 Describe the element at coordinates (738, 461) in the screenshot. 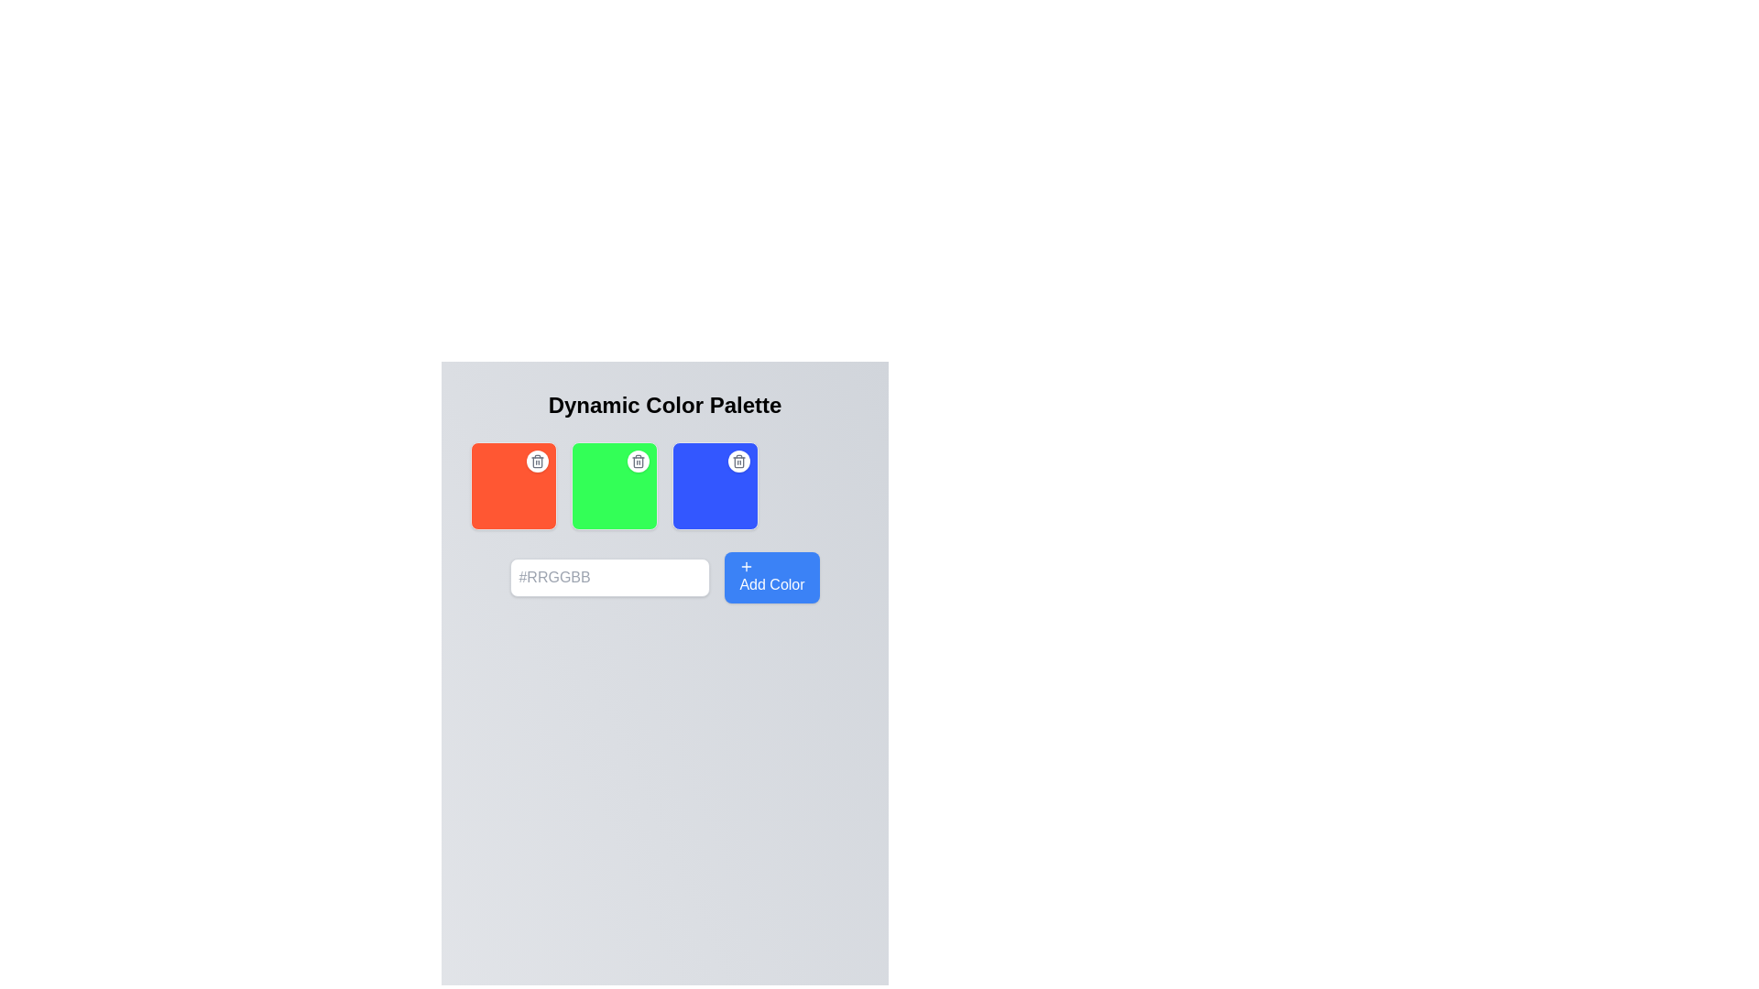

I see `the circular button with a white background and a gray trash can icon located at the upper-right corner of the blue rectangular card in the third position under the 'Dynamic Color Palette' section` at that location.